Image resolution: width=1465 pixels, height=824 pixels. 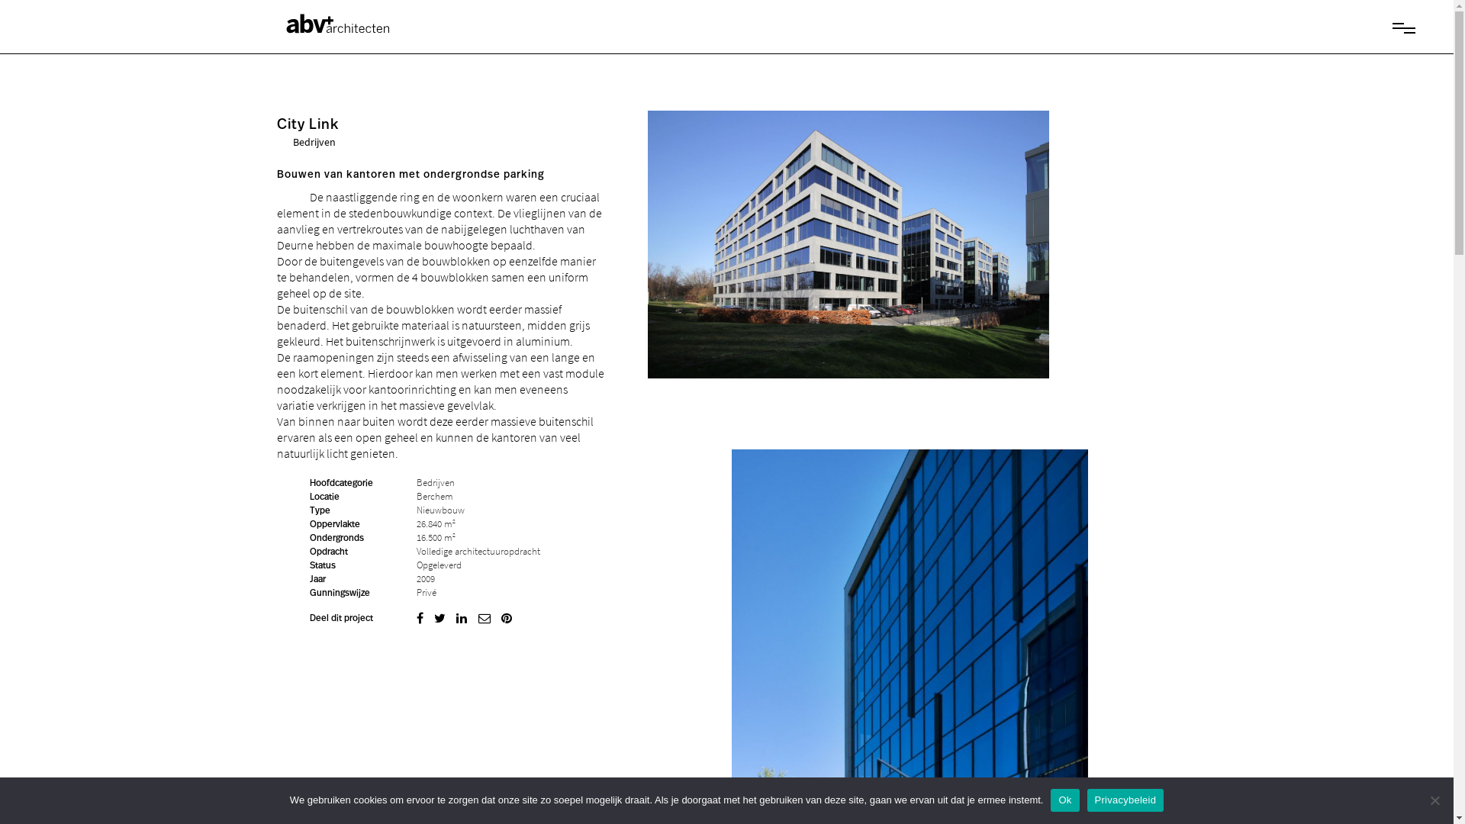 I want to click on 'Nee', so click(x=1426, y=800).